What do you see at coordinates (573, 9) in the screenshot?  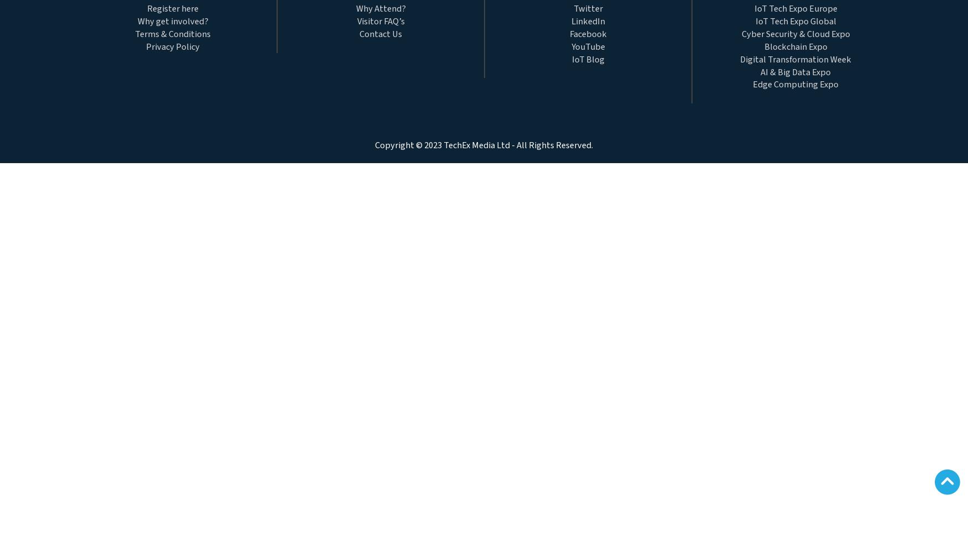 I see `'Twitter'` at bounding box center [573, 9].